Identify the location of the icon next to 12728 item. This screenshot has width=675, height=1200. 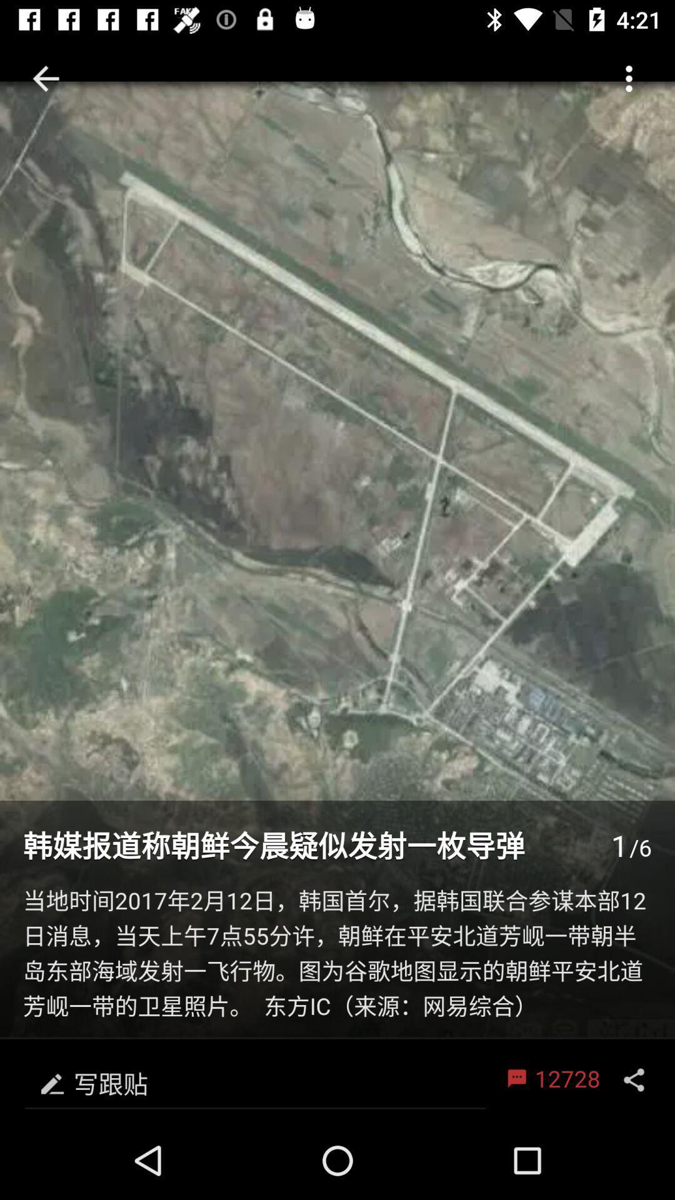
(254, 1079).